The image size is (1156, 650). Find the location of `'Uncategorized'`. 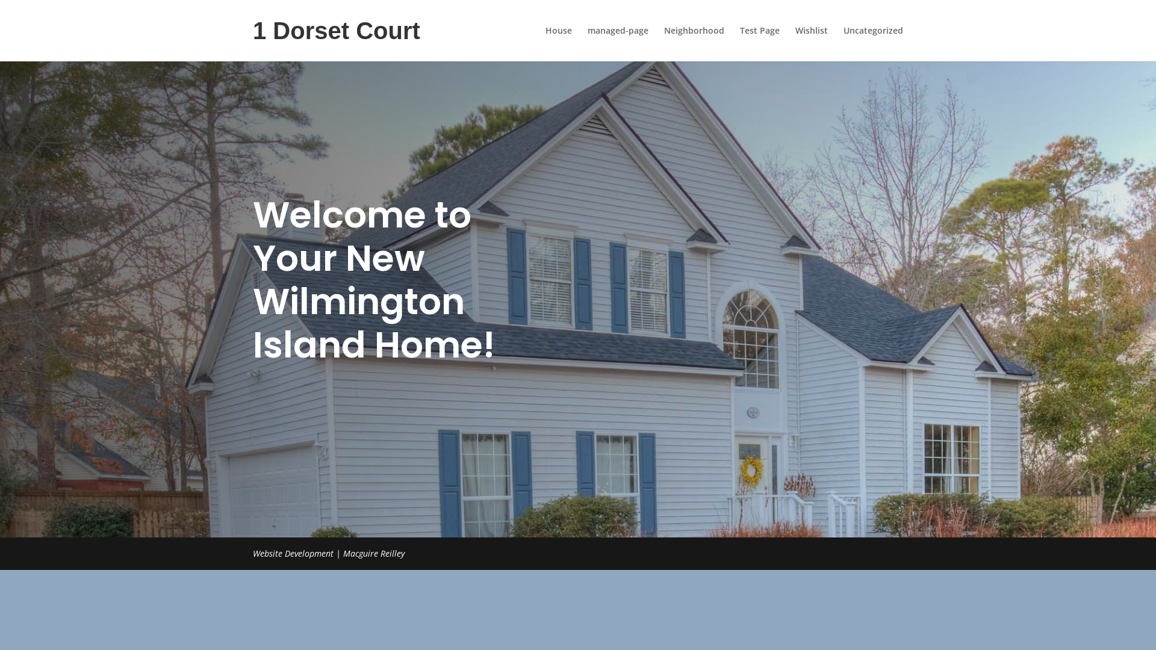

'Uncategorized' is located at coordinates (873, 43).